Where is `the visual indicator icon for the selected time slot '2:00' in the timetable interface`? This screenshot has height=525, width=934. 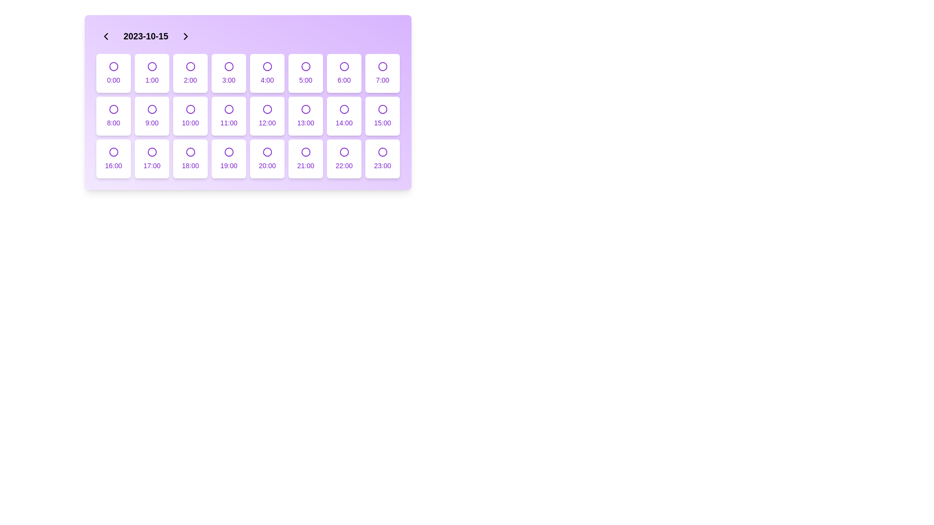
the visual indicator icon for the selected time slot '2:00' in the timetable interface is located at coordinates (190, 66).